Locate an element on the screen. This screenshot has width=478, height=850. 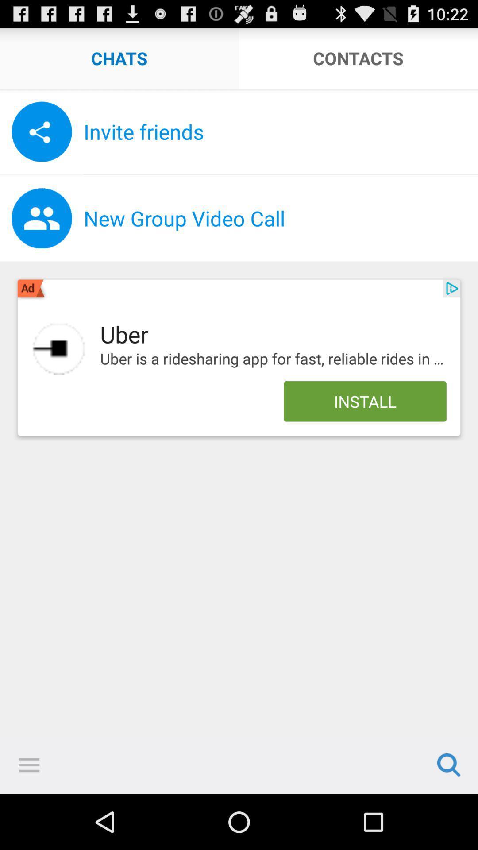
item above install item is located at coordinates (273, 359).